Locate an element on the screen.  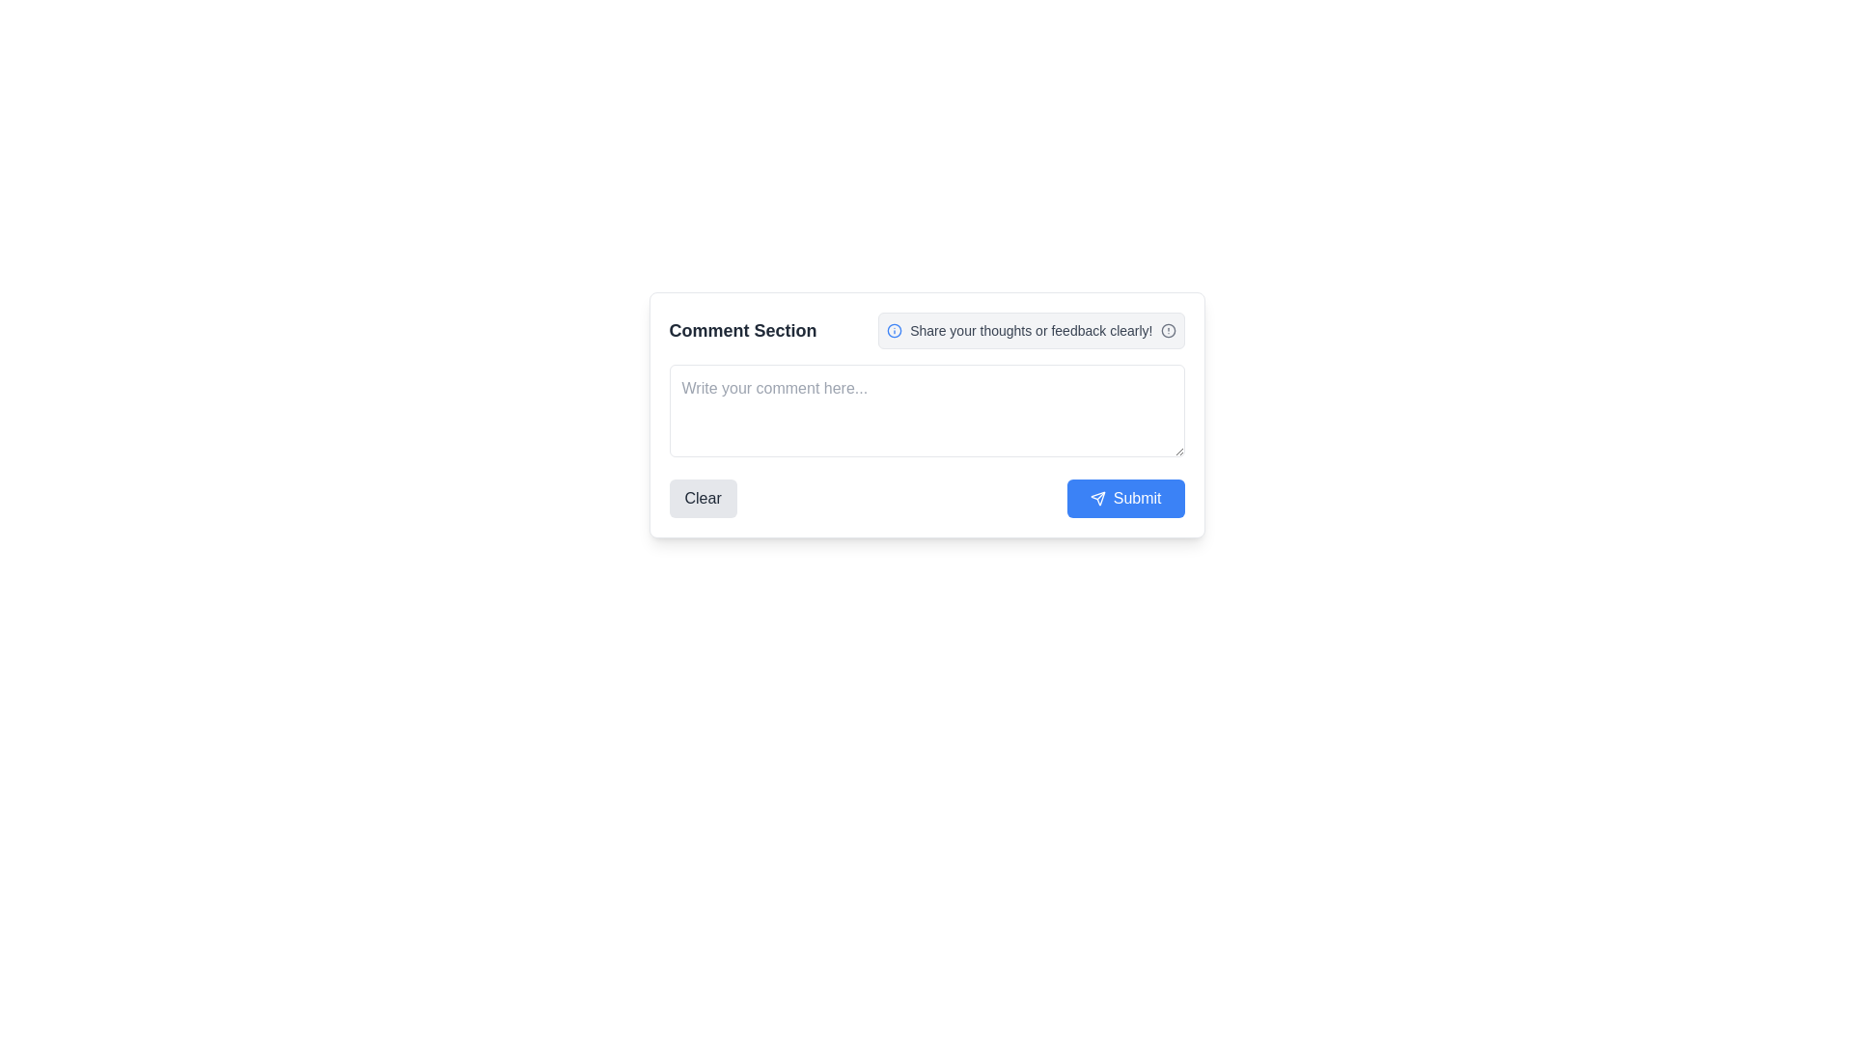
the prominently styled text label reading 'Comment Section,' which is bold and larger than surrounding text, located in the top-left portion of the feedback card is located at coordinates (742, 330).